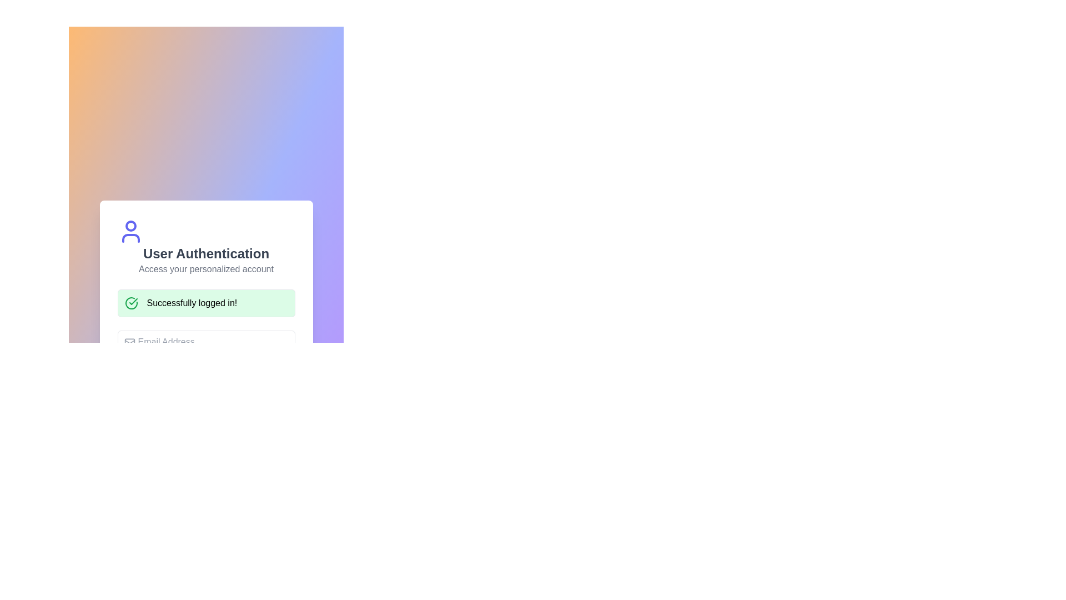 The height and width of the screenshot is (600, 1066). Describe the element at coordinates (206, 246) in the screenshot. I see `the Header with Icon that features the main headline 'User Authentication' and a subtitle 'Access your personalized account', along with a blue user icon above the text` at that location.